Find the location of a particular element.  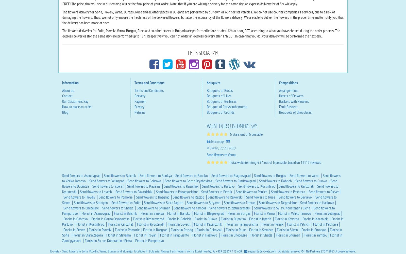

'Hearts of Flowers' is located at coordinates (291, 144).